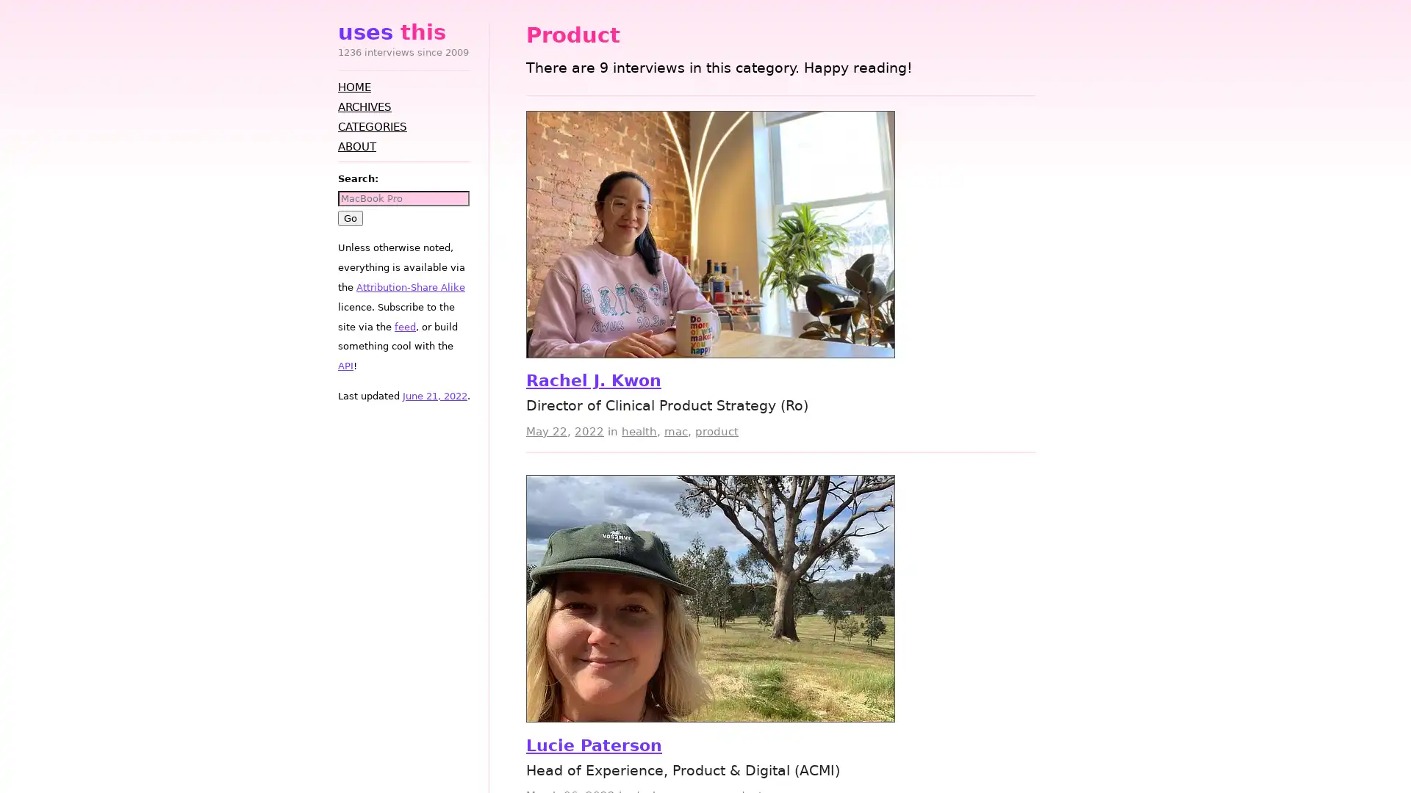  I want to click on Go, so click(349, 217).